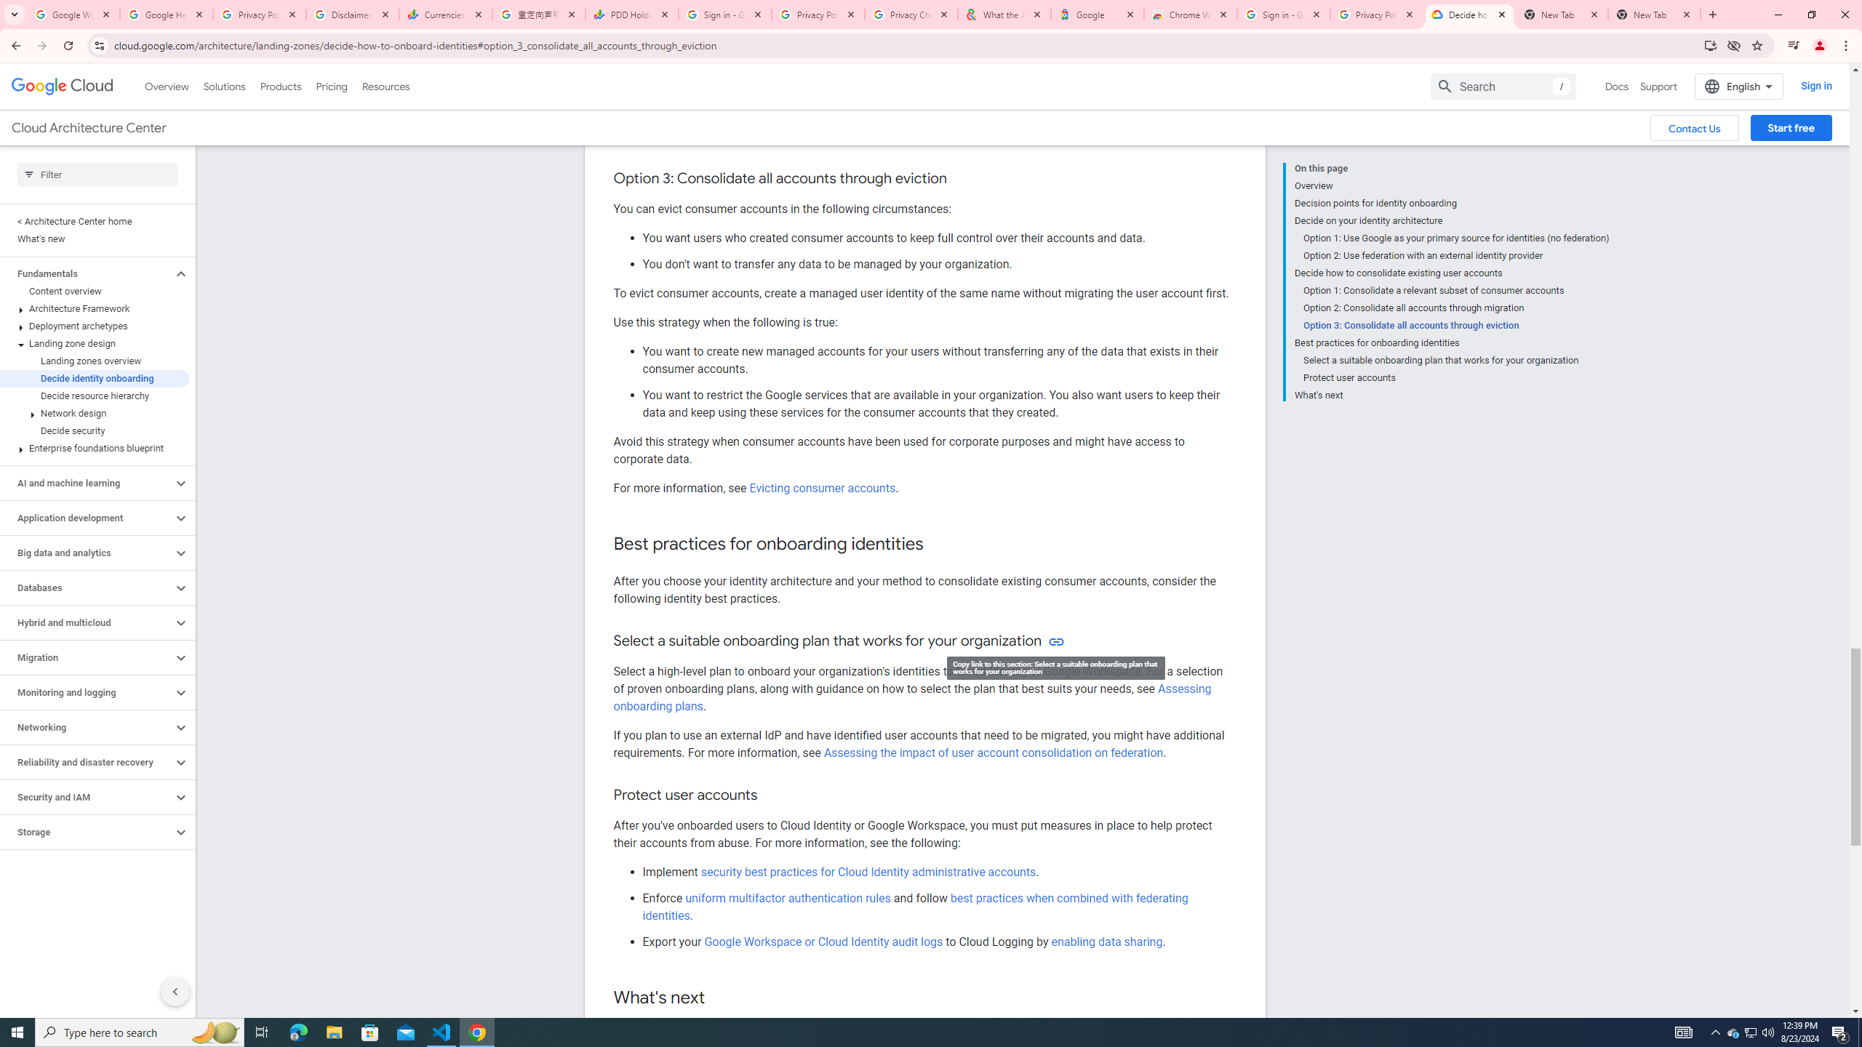 The height and width of the screenshot is (1047, 1862). What do you see at coordinates (1450, 393) in the screenshot?
I see `'What'` at bounding box center [1450, 393].